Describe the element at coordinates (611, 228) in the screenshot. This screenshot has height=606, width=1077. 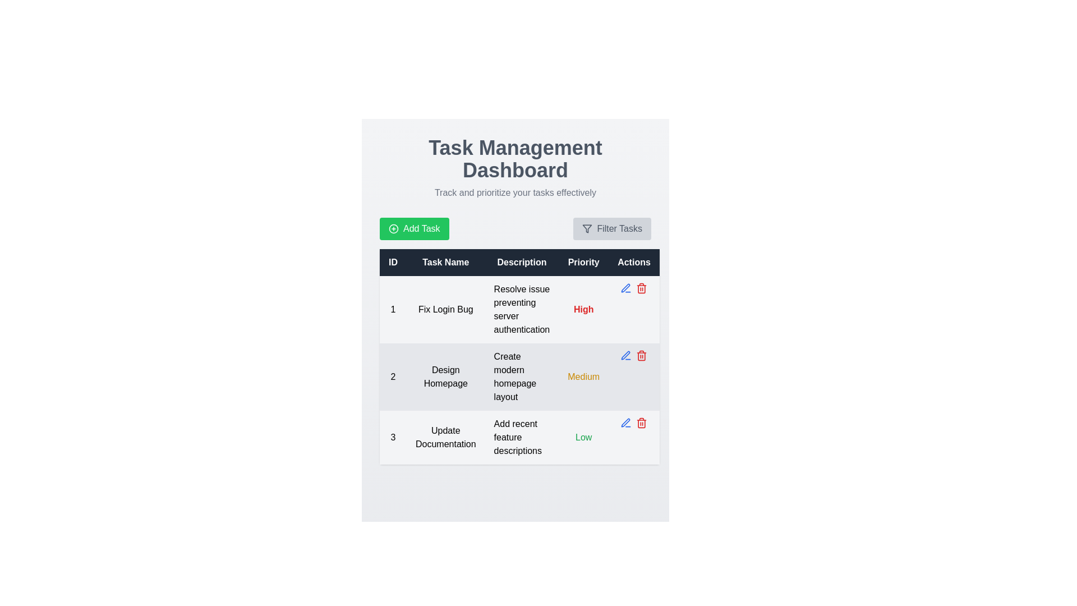
I see `the 'Filter Tasks' button, which is a rounded button with a light gray background and a filter icon, located to the right of the 'Add Task' button` at that location.